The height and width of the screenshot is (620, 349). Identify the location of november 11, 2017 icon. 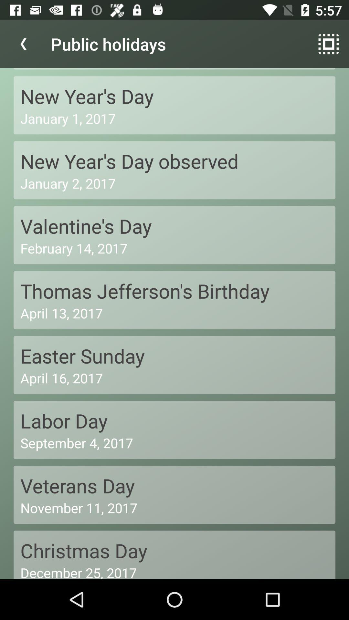
(174, 507).